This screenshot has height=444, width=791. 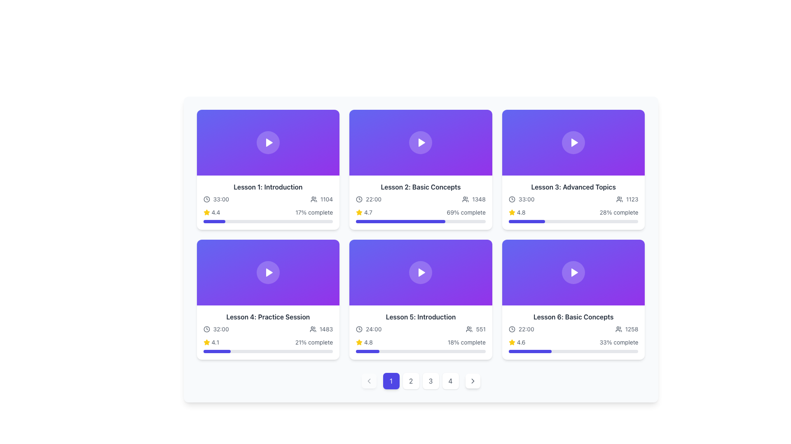 I want to click on the numerical text label '4.8', which is styled in gray and positioned to the right of a yellow star icon, located in the bottom part of the card labeled 'Lesson 5: Introduction', so click(x=368, y=342).